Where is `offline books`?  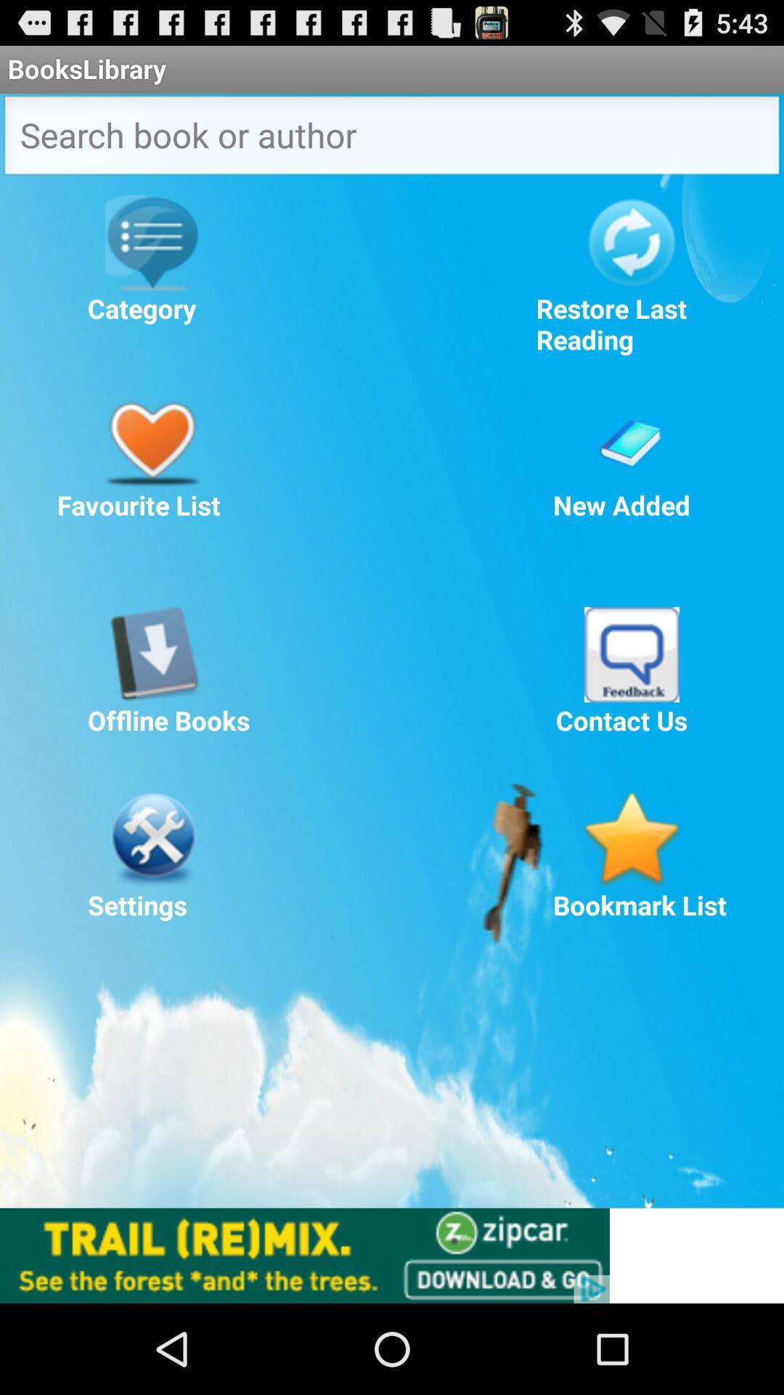
offline books is located at coordinates (152, 654).